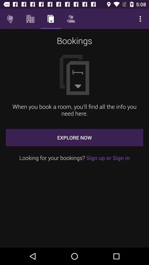  Describe the element at coordinates (74, 158) in the screenshot. I see `looking for your icon` at that location.